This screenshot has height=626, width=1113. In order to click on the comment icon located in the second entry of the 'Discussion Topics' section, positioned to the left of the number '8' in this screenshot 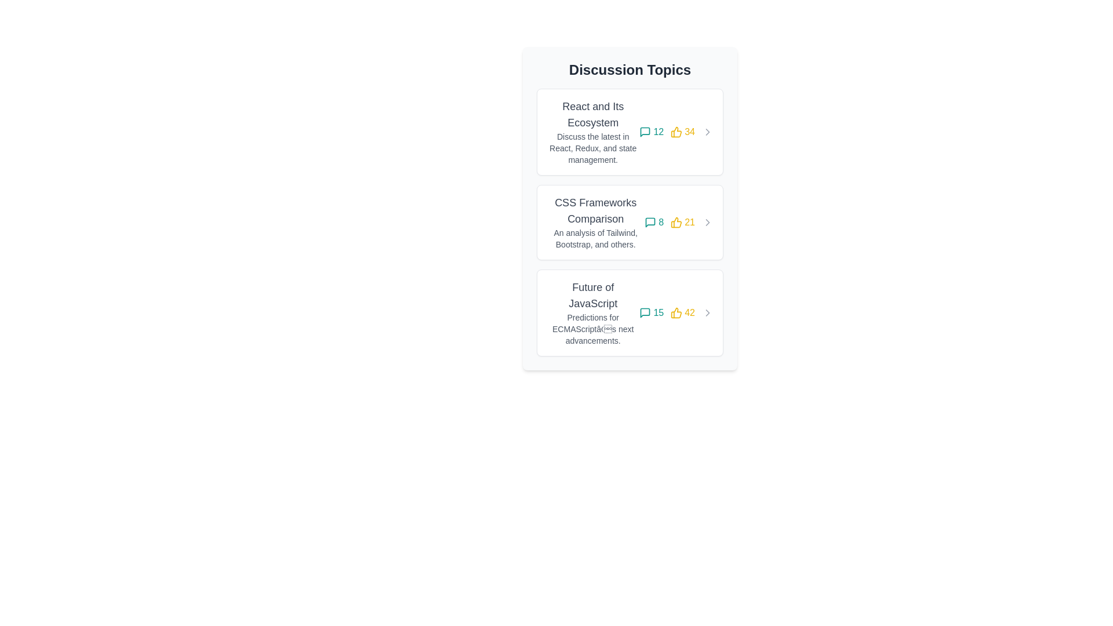, I will do `click(650, 223)`.